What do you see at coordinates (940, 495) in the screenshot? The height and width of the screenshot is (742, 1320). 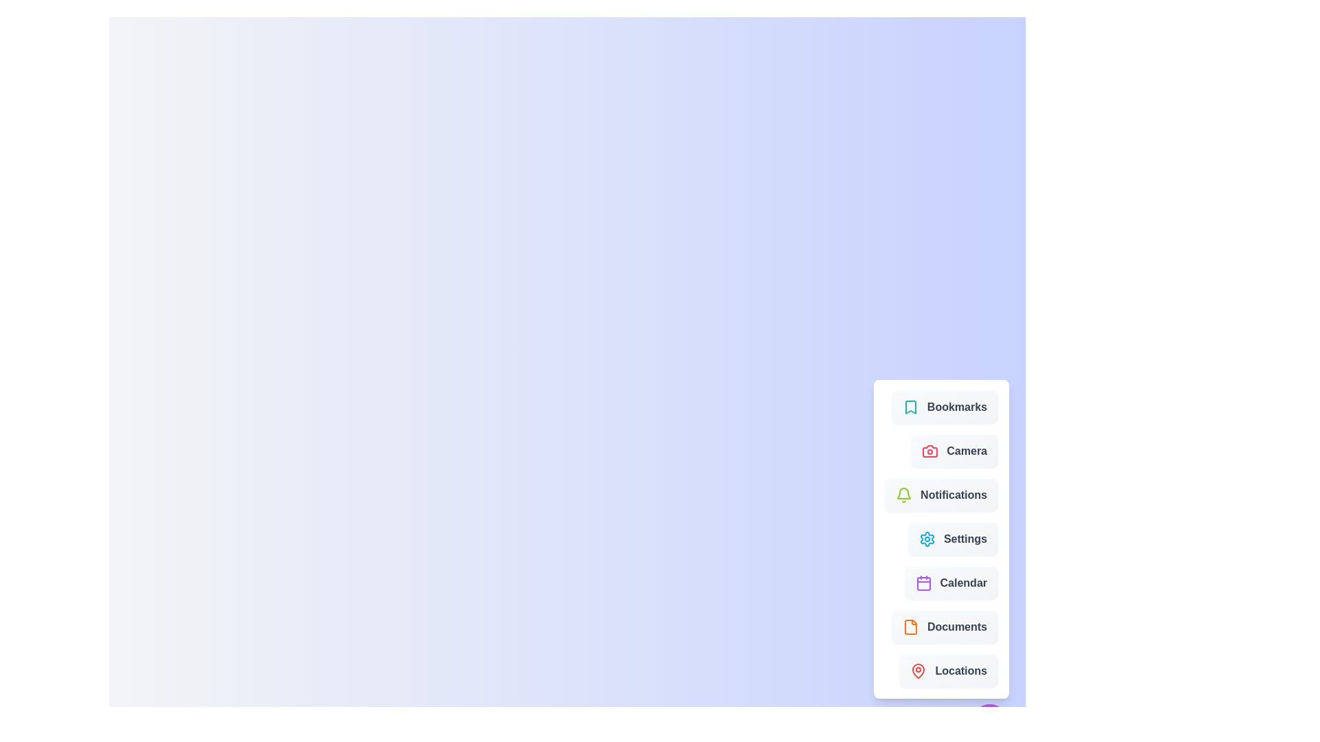 I see `the menu item corresponding to Notifications to activate its action` at bounding box center [940, 495].